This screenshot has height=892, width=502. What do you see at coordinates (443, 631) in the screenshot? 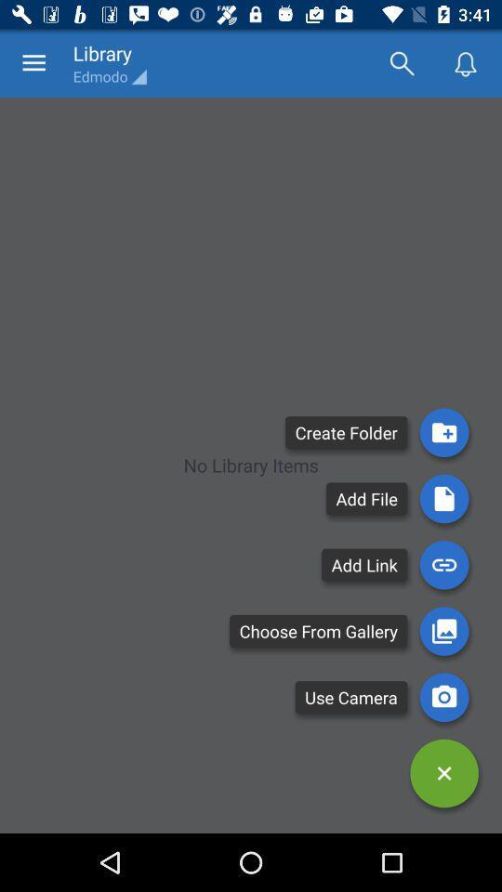
I see `choose from gallery` at bounding box center [443, 631].